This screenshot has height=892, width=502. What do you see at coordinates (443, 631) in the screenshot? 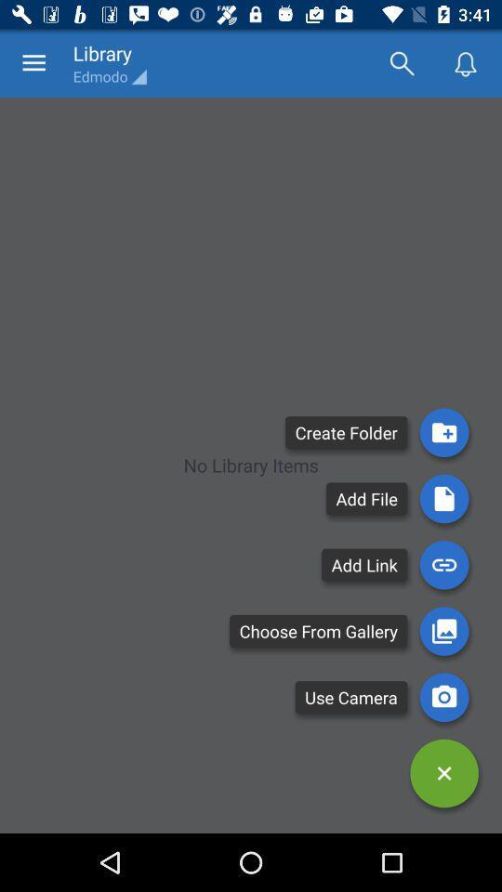
I see `choose from gallery` at bounding box center [443, 631].